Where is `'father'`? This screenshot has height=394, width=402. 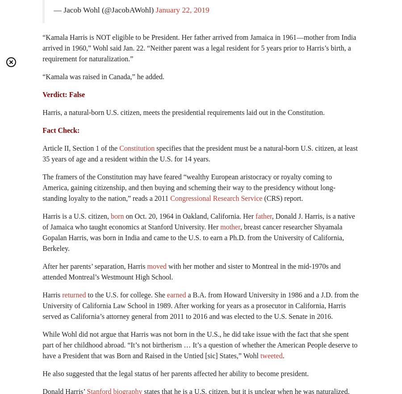 'father' is located at coordinates (264, 216).